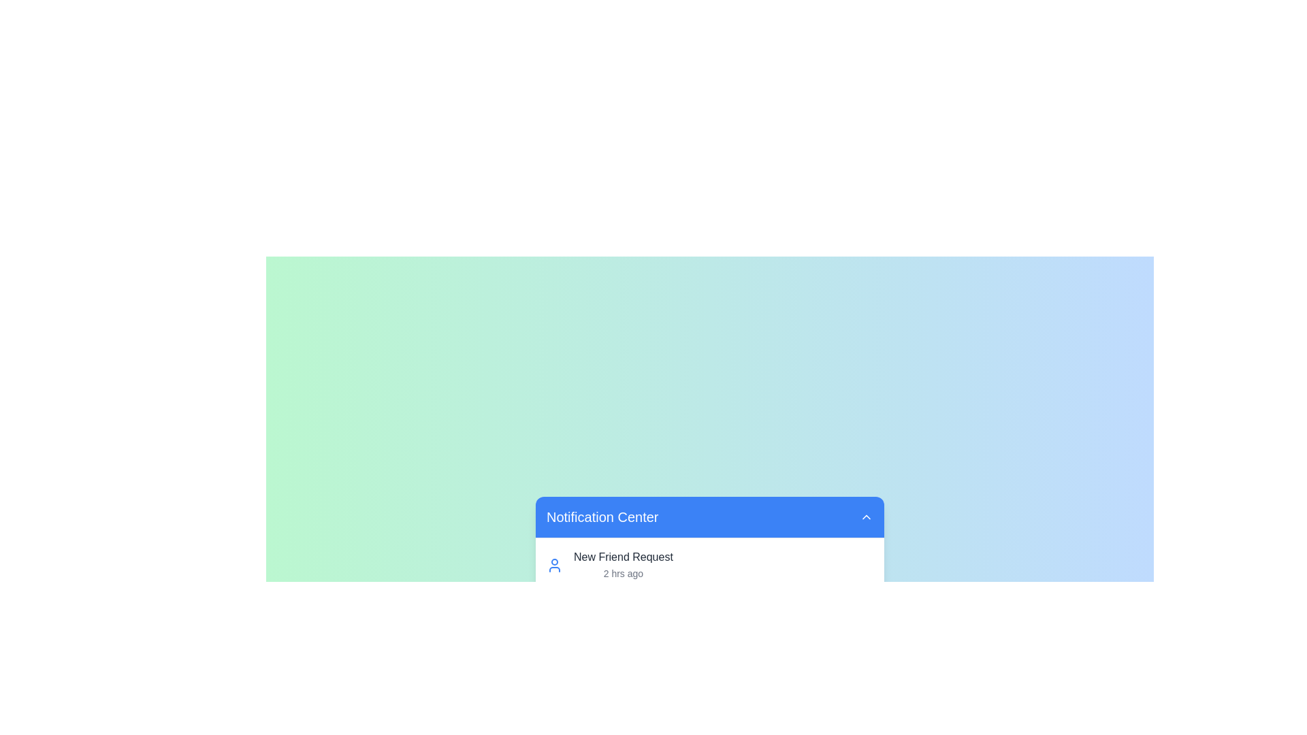  I want to click on the chevron button to toggle the visibility of the notification list, so click(865, 517).